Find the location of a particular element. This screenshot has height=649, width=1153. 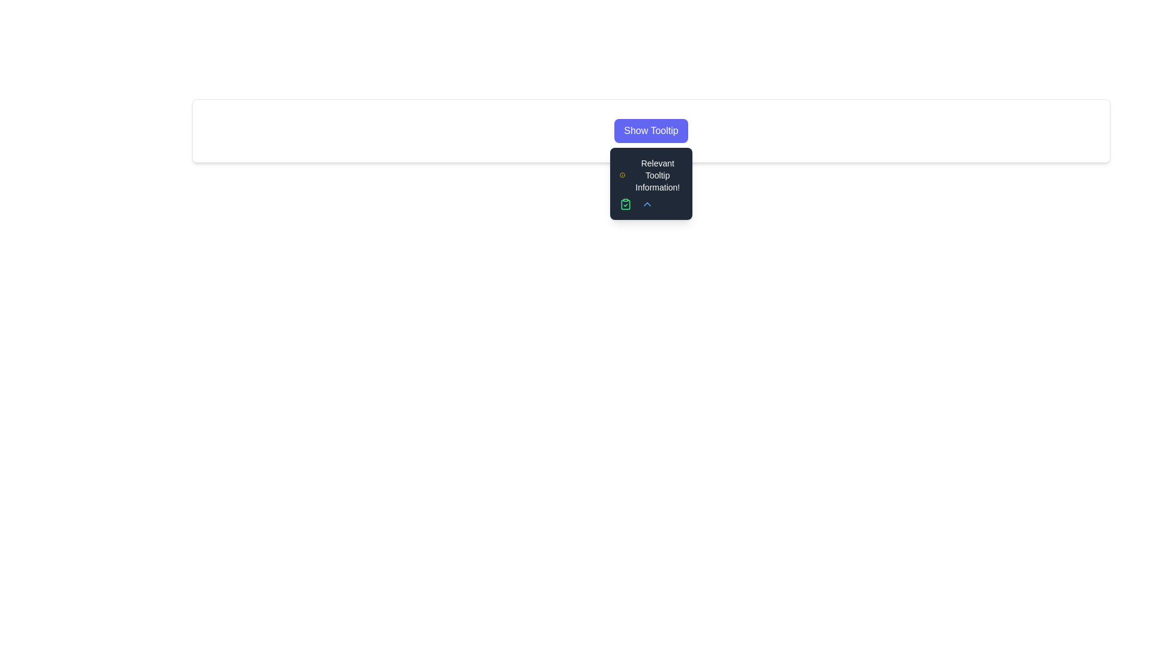

the informational text display located in the tooltip below the 'Show Tooltip' button is located at coordinates (650, 175).